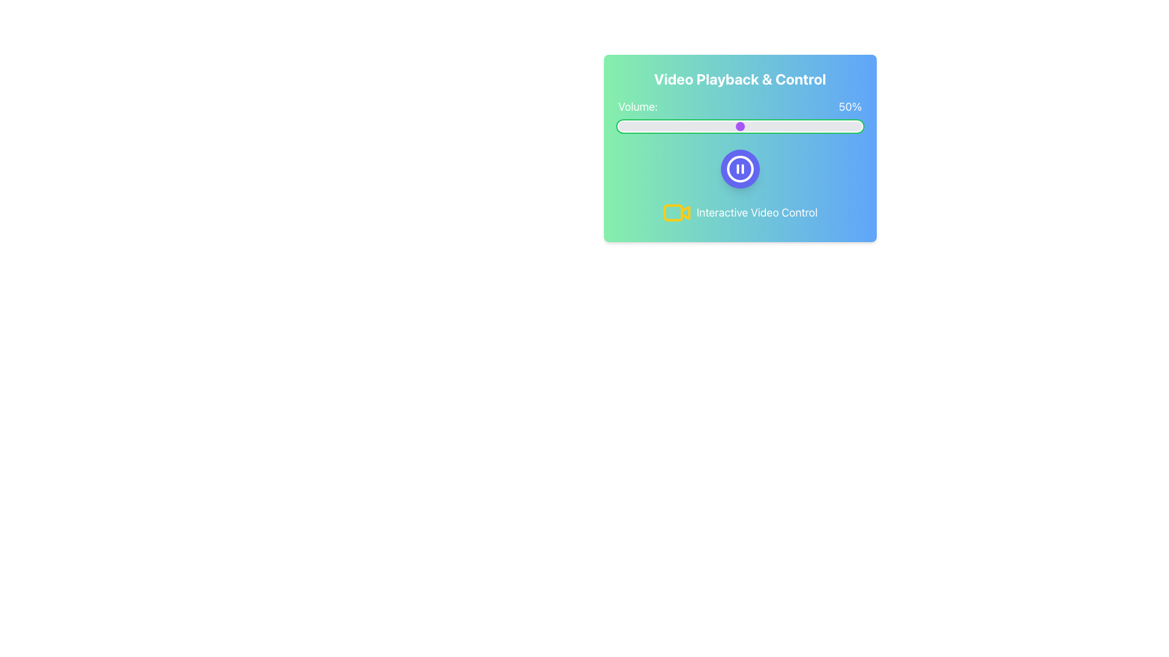 The height and width of the screenshot is (657, 1169). What do you see at coordinates (818, 127) in the screenshot?
I see `the volume` at bounding box center [818, 127].